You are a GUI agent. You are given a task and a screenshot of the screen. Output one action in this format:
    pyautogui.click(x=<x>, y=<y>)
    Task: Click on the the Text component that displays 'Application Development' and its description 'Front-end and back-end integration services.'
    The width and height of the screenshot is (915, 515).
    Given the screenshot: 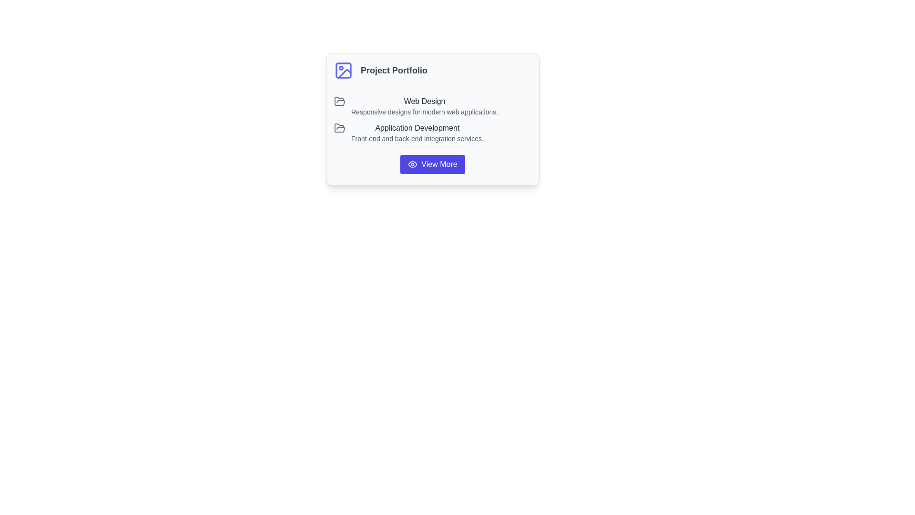 What is the action you would take?
    pyautogui.click(x=417, y=133)
    